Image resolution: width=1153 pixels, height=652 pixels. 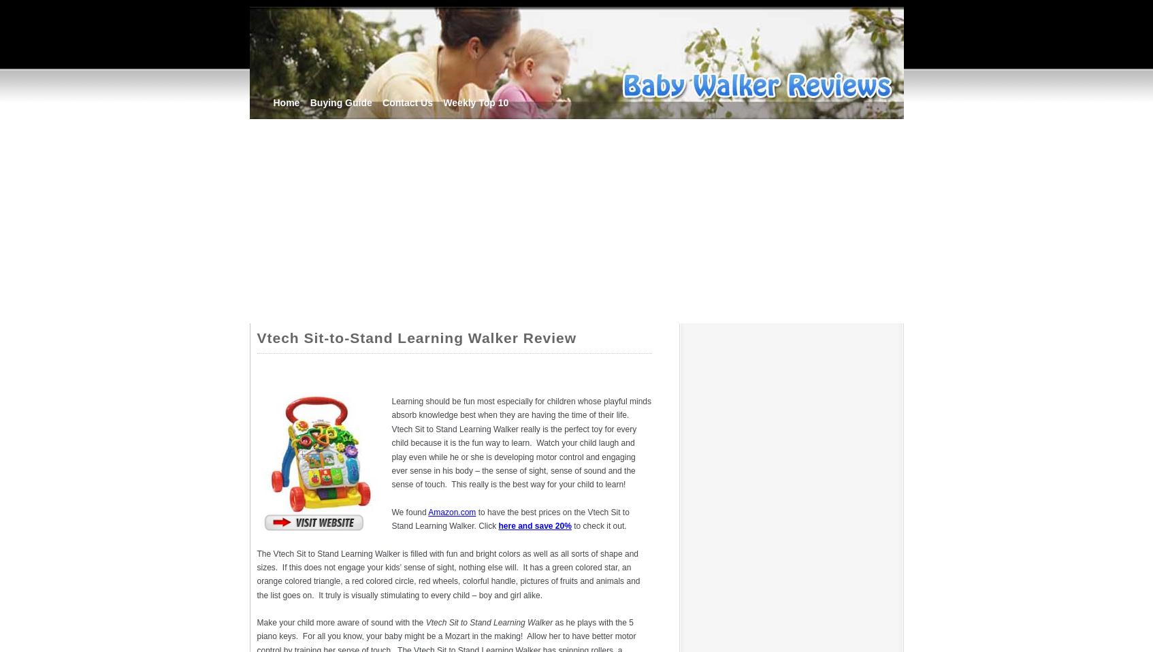 What do you see at coordinates (340, 102) in the screenshot?
I see `'Buying Guide'` at bounding box center [340, 102].